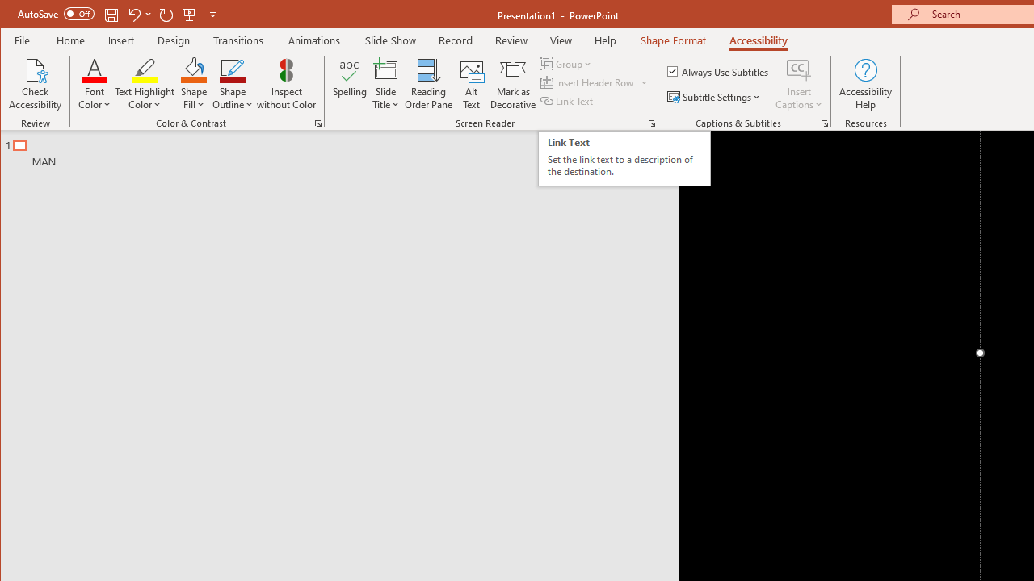 The image size is (1034, 581). Describe the element at coordinates (385, 69) in the screenshot. I see `'Slide Title'` at that location.